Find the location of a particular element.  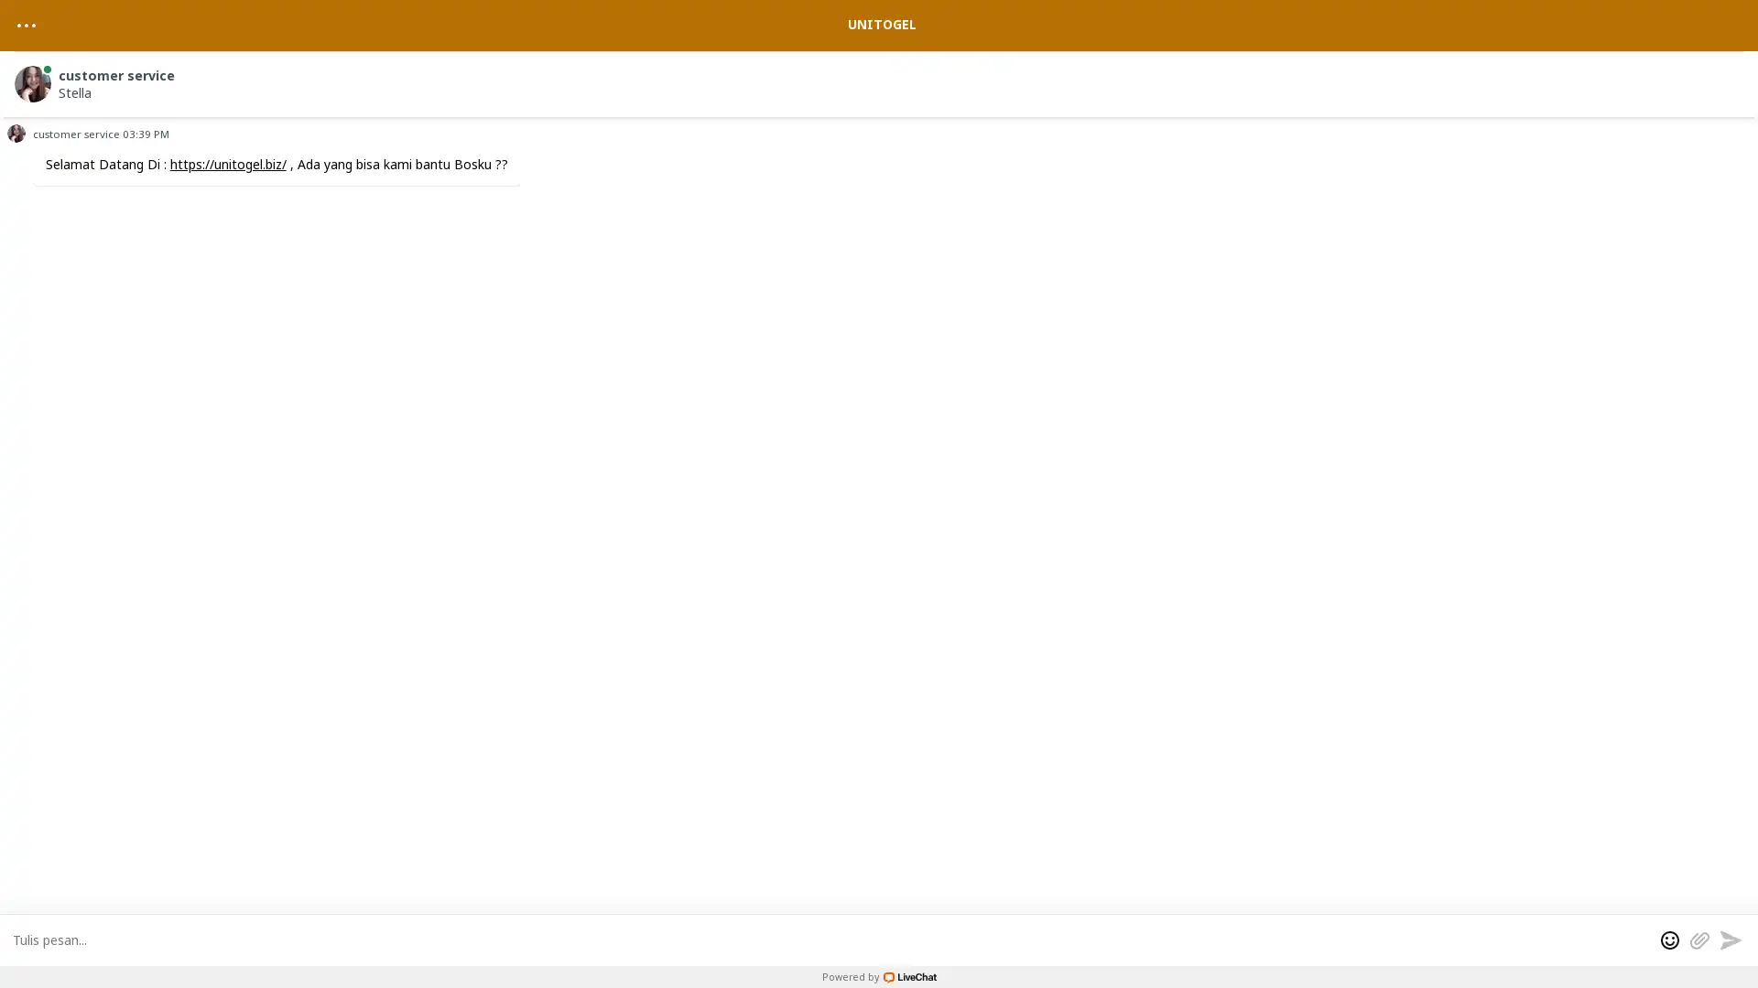

customer service is located at coordinates (882, 80).